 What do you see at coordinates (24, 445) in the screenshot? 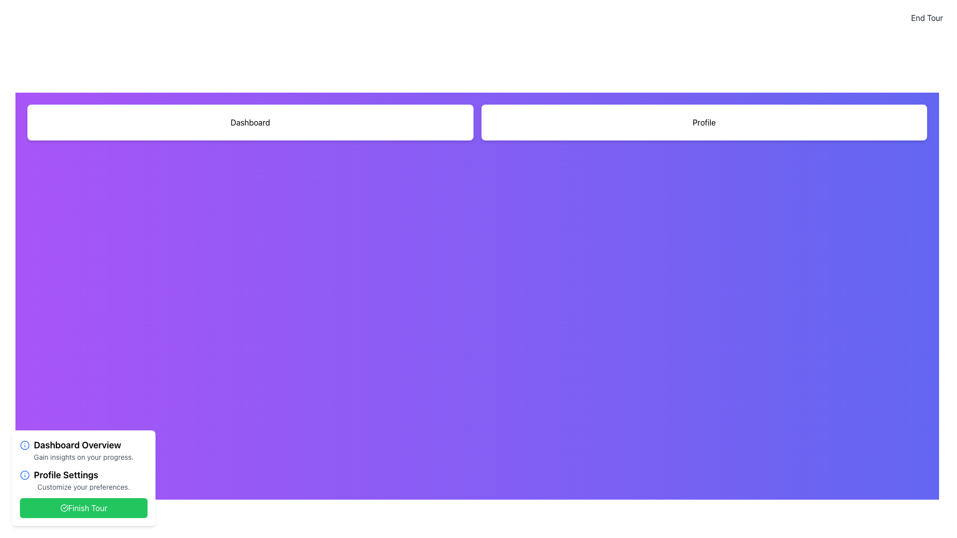
I see `the info icon, which is a blue circular outline with an 'i' symbol inside, located to the left of the 'Dashboard Overview' text` at bounding box center [24, 445].